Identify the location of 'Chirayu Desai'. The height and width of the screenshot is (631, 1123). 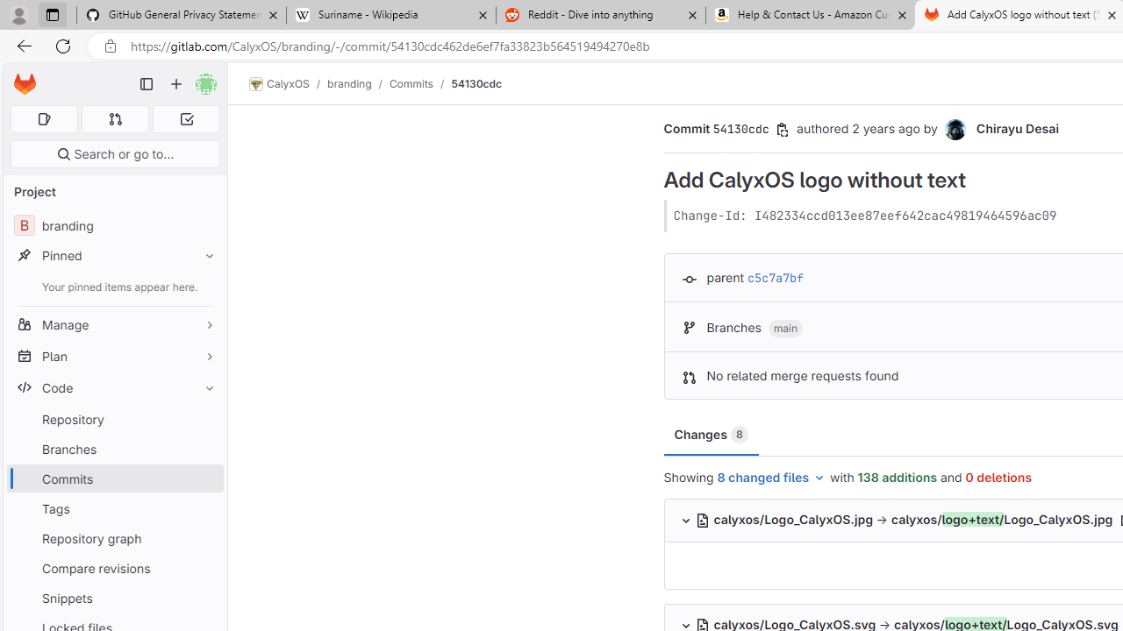
(954, 129).